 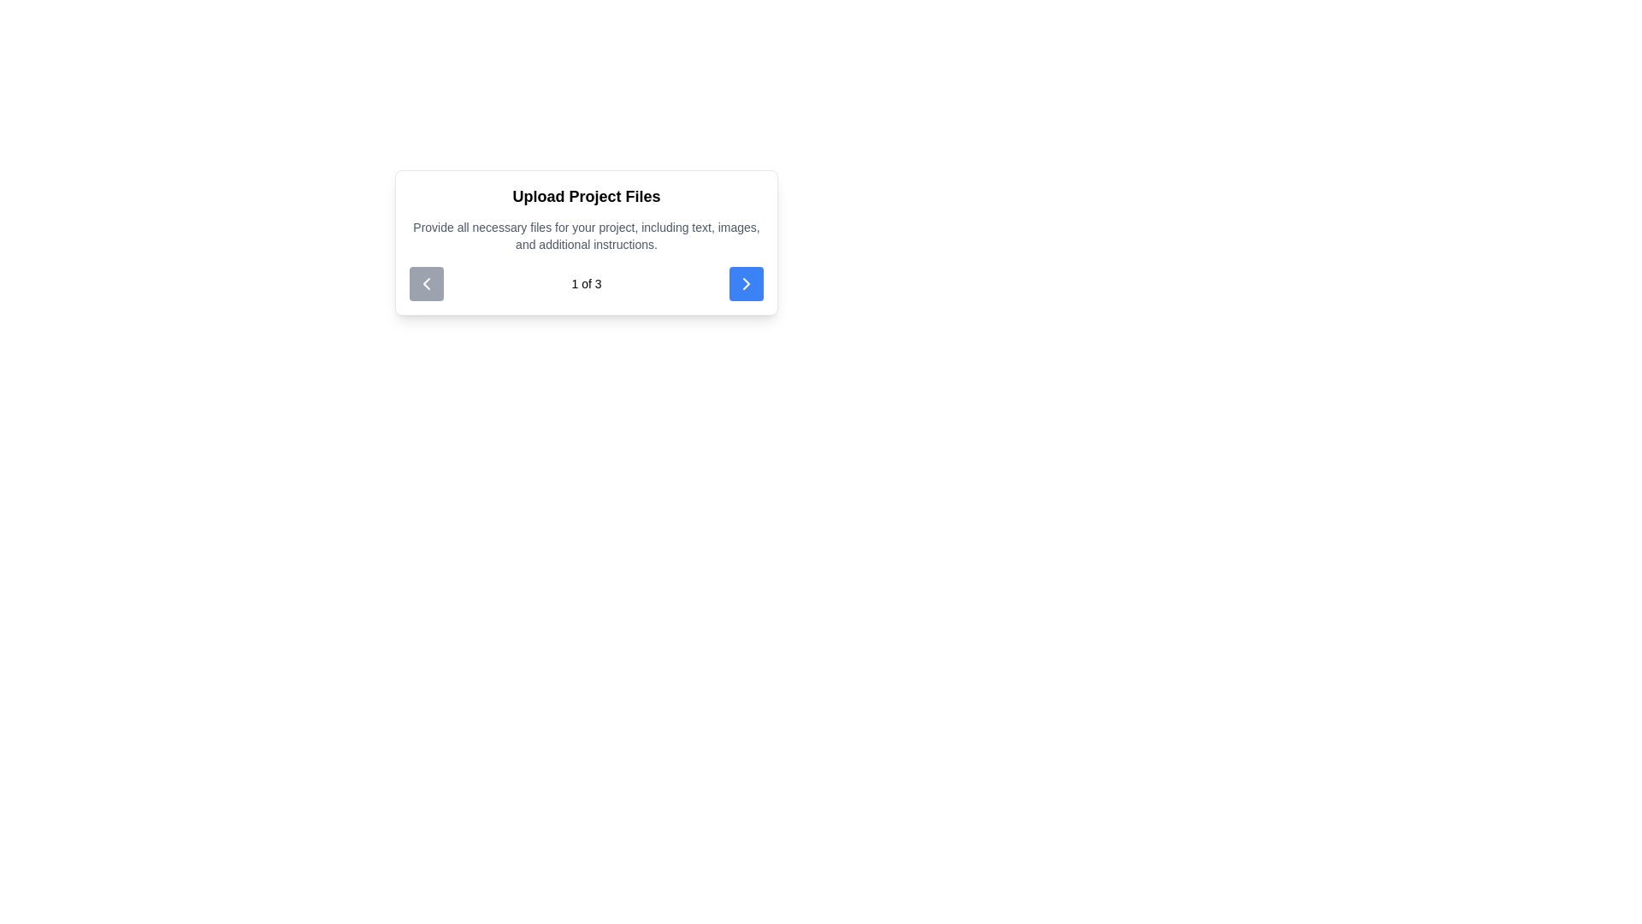 I want to click on the informational display text indicating the current position (1) out of 3 in the pagination system, located in the center of the horizontal navigation bar, so click(x=587, y=282).